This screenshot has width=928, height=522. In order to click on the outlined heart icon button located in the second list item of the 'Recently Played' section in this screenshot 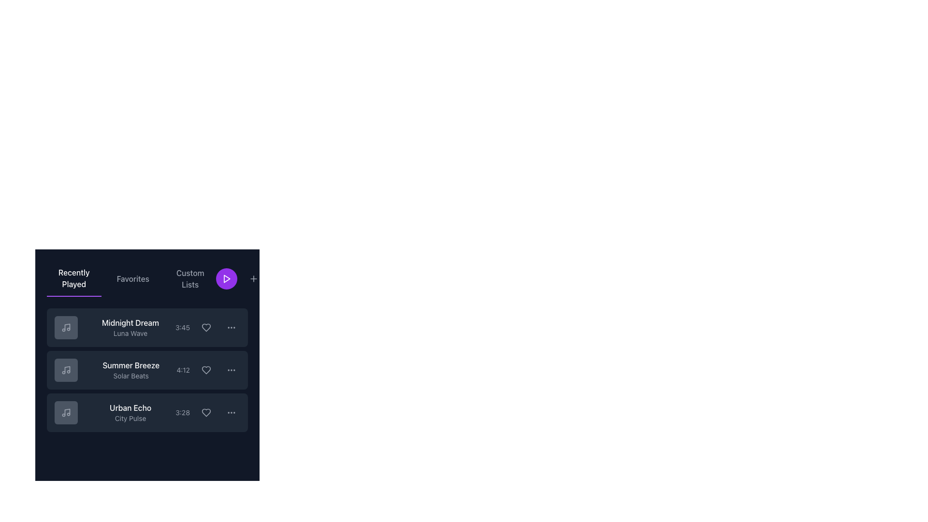, I will do `click(207, 327)`.